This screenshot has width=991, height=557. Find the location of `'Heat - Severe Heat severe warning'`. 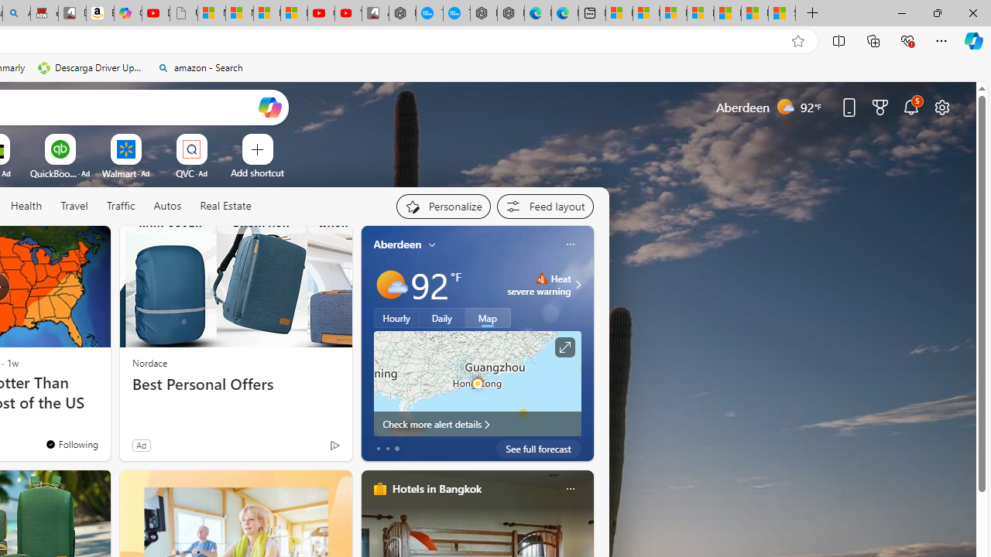

'Heat - Severe Heat severe warning' is located at coordinates (539, 284).